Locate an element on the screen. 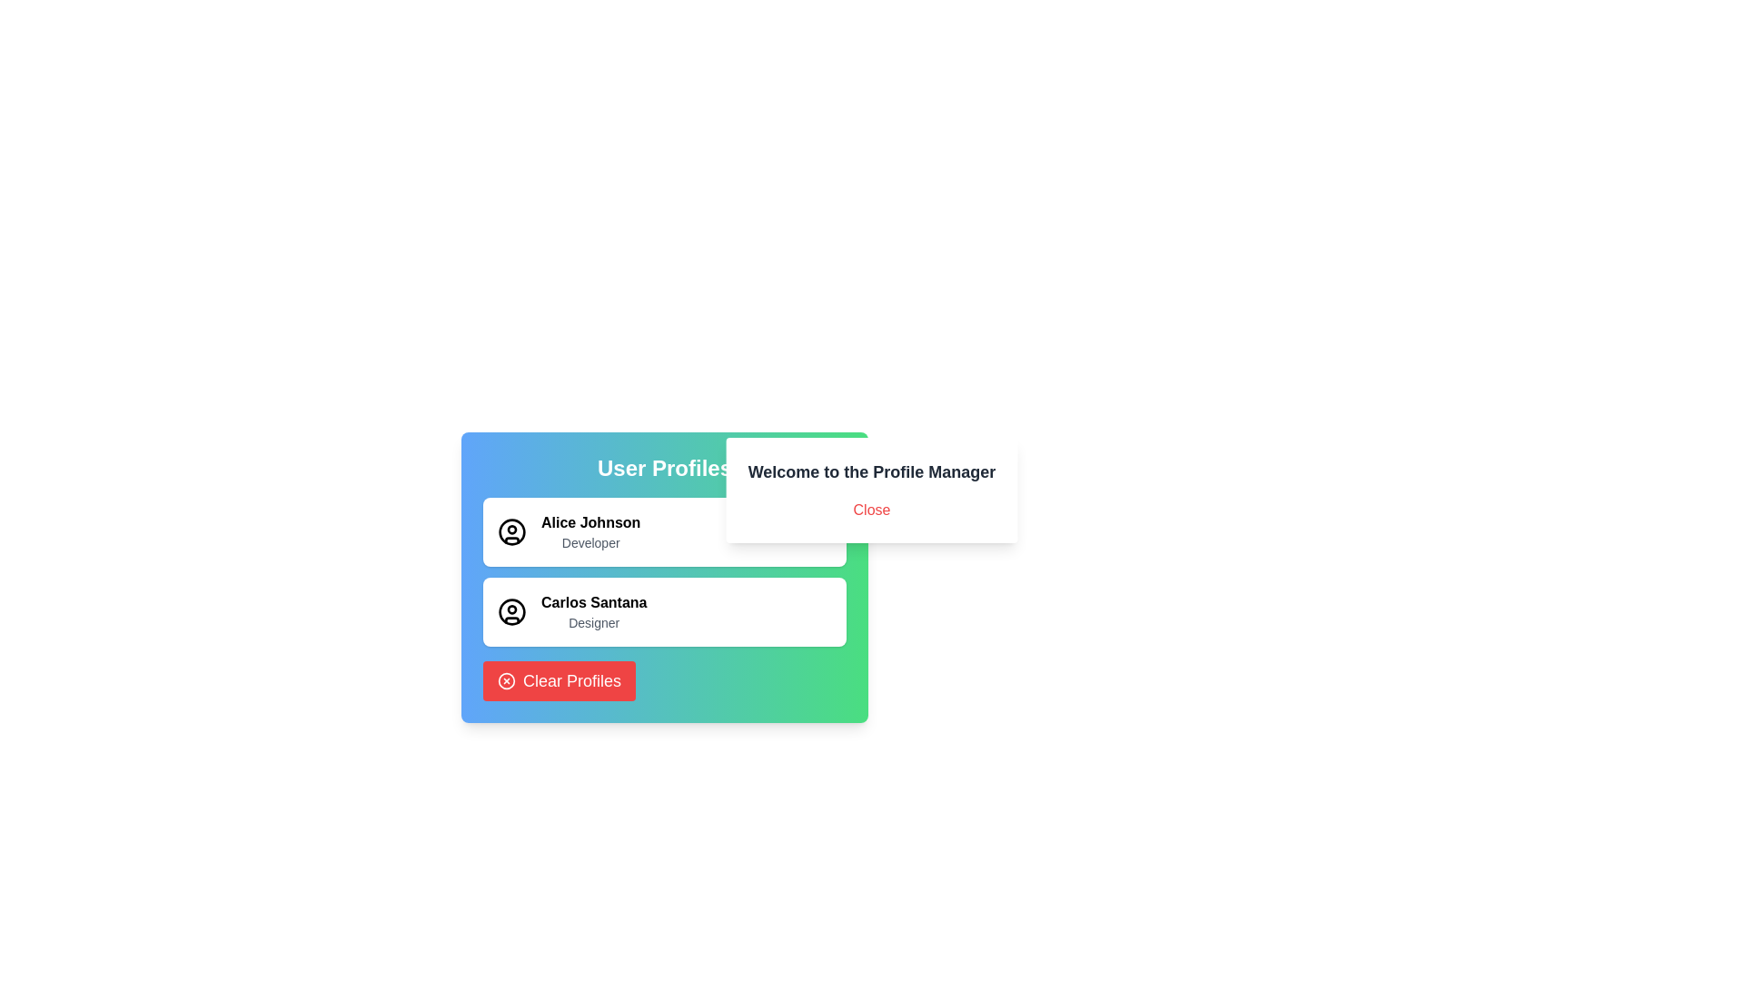  the text label element 'Carlos Santana', which is styled in black and presented in a bold font, located in a white background above the smaller text 'Designer' is located at coordinates (594, 602).